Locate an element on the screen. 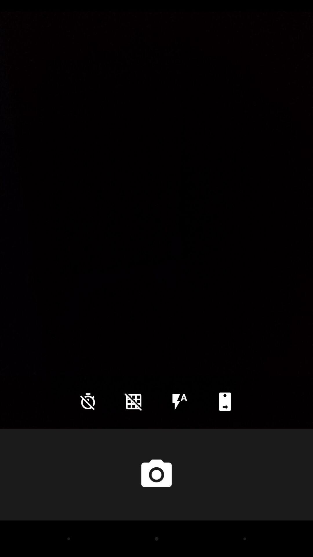 The image size is (313, 557). the flash icon is located at coordinates (179, 401).